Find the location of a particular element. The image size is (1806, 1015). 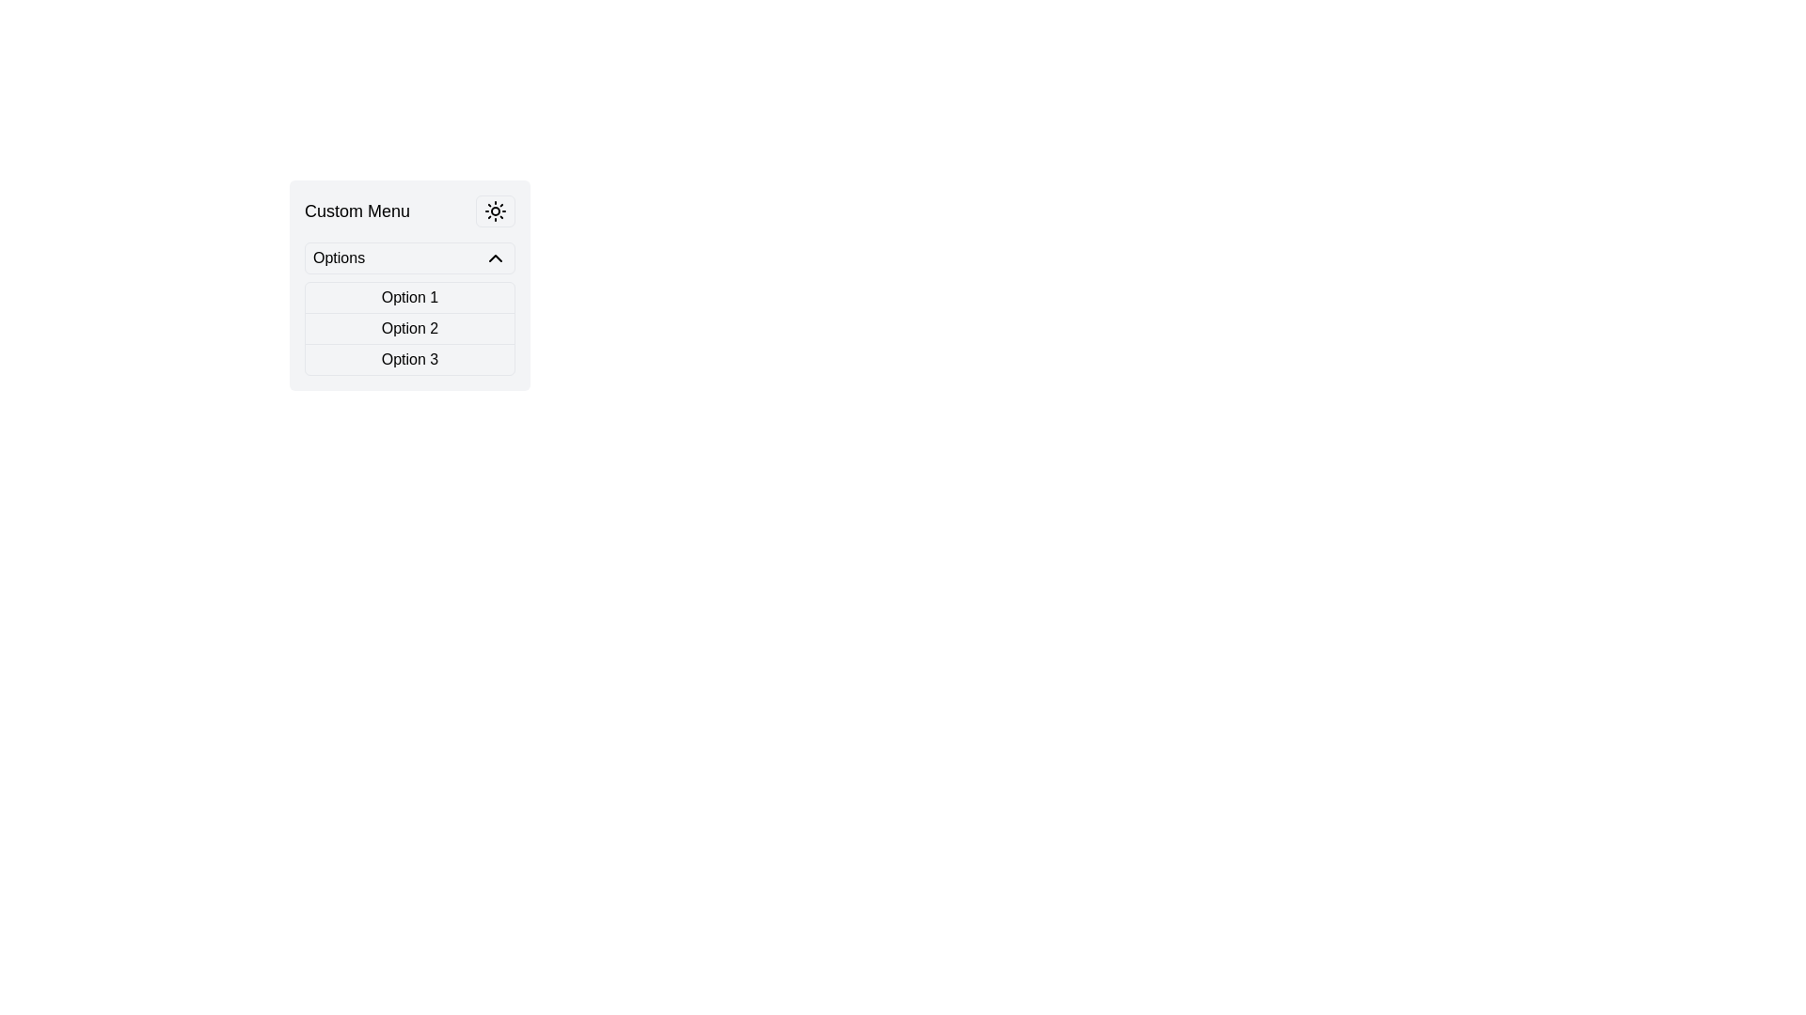

the static text element that serves as a descriptive title for the menu or widget, located at the leftmost side of the header bar, next to the sun icon is located at coordinates (356, 211).